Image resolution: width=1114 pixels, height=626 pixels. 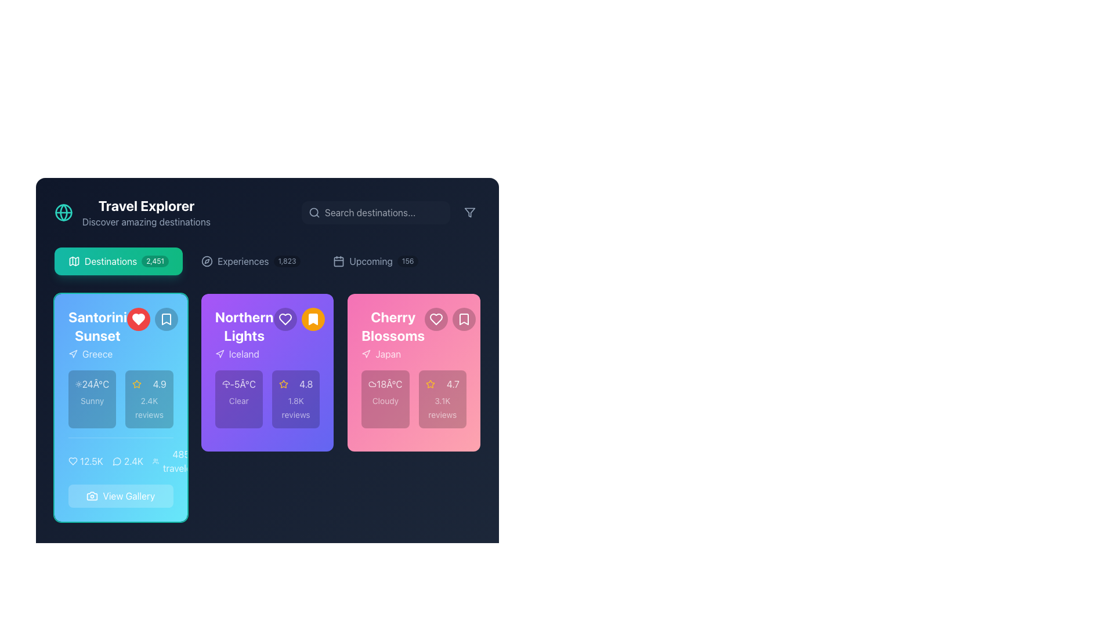 What do you see at coordinates (442, 399) in the screenshot?
I see `the rounded rectangular Informative display card with a soft pink background that displays a rating of '4.7' and '3.1K reviews' below it, which is located in the lower right corner of the 'Cherry Blossoms' card to compare ratings` at bounding box center [442, 399].